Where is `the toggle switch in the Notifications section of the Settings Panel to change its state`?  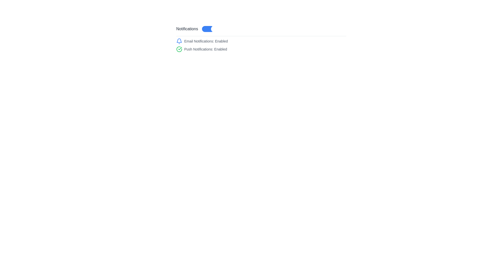
the toggle switch in the Notifications section of the Settings Panel to change its state is located at coordinates (261, 39).